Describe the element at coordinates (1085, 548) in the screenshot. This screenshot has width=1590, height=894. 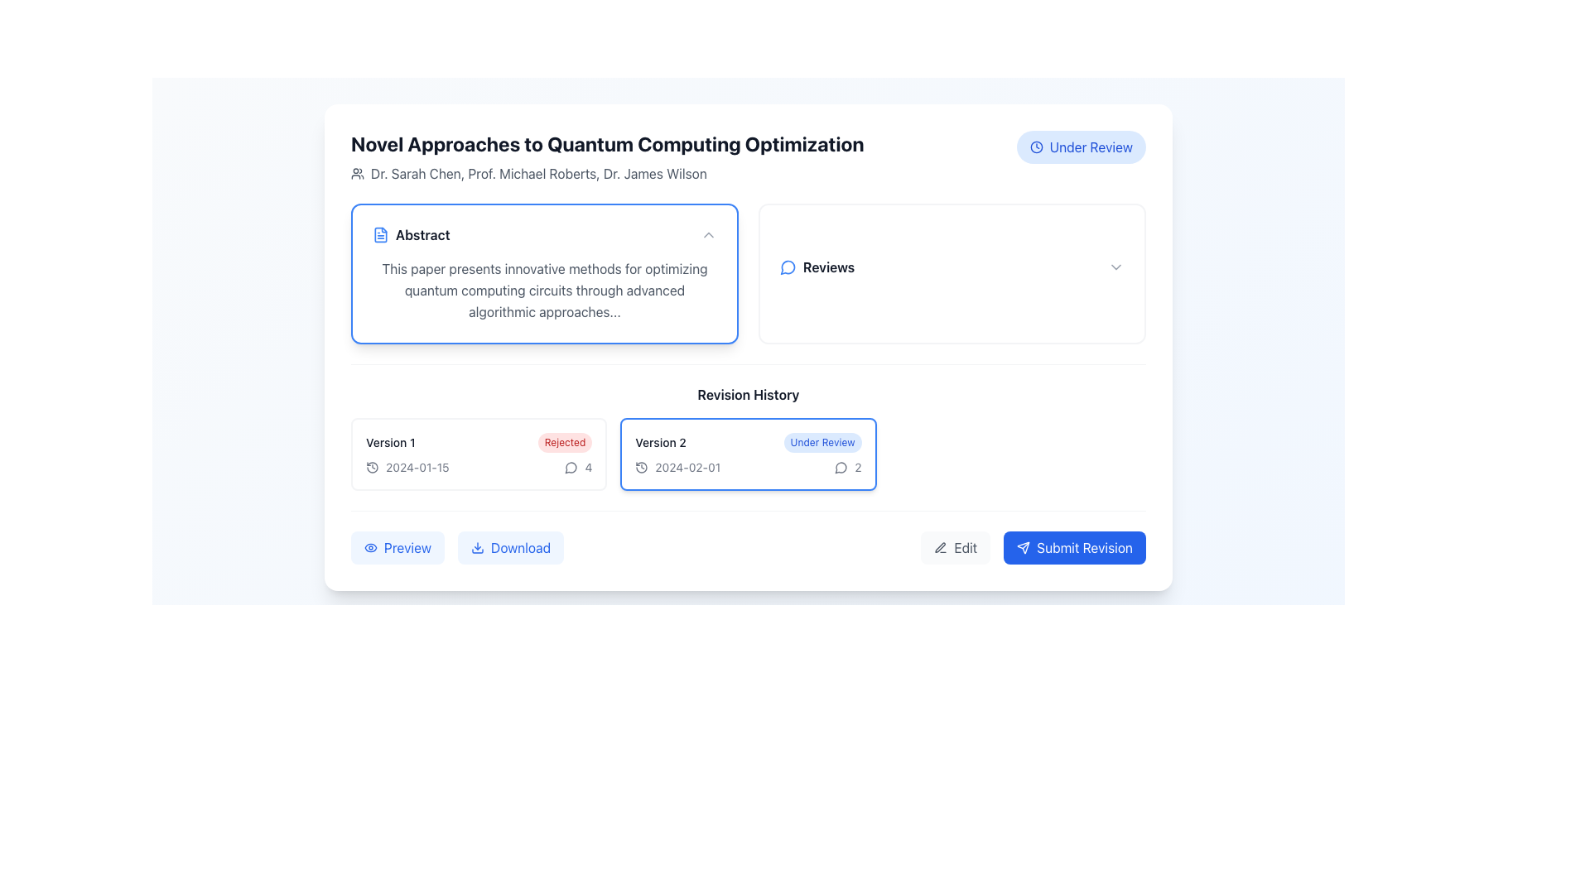
I see `the 'Submit Revision' button, which is a text label in white on a blue background, to trigger a visual response` at that location.